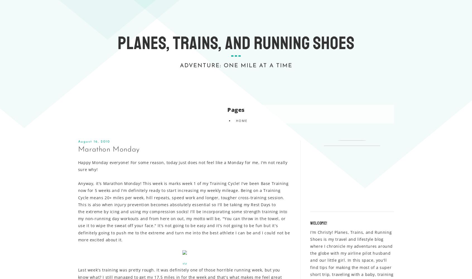 The image size is (472, 279). Describe the element at coordinates (235, 120) in the screenshot. I see `'Home'` at that location.